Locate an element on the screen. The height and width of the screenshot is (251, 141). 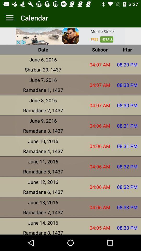
menu option is located at coordinates (9, 18).